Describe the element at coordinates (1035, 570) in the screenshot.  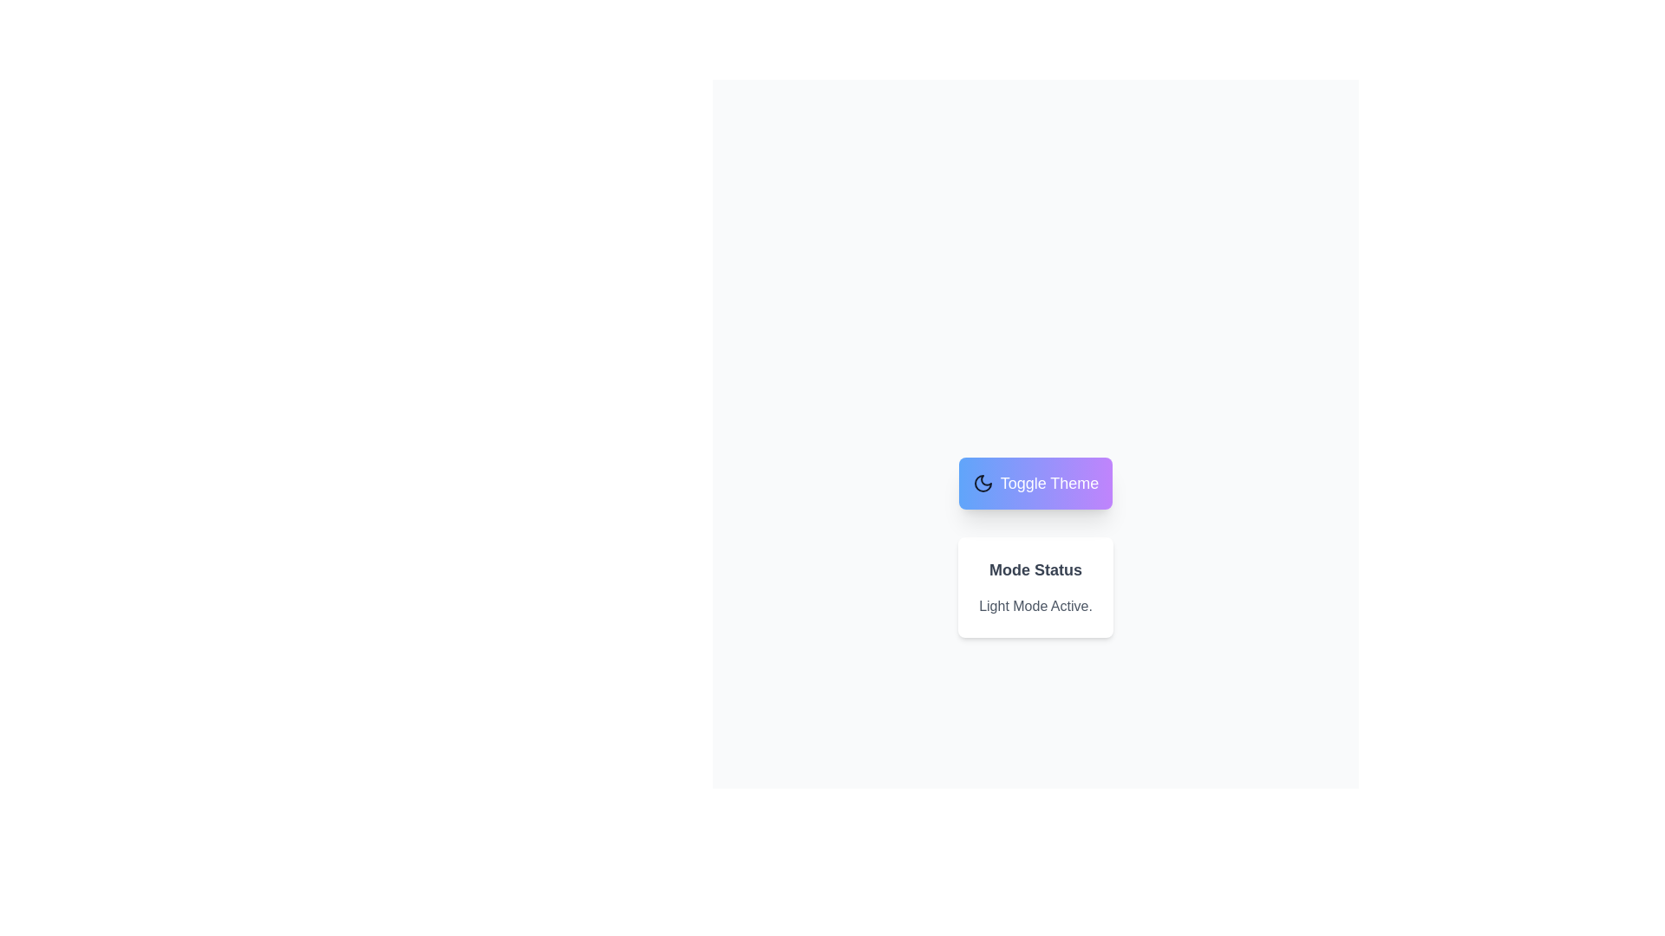
I see `the 'Mode Status' text` at that location.